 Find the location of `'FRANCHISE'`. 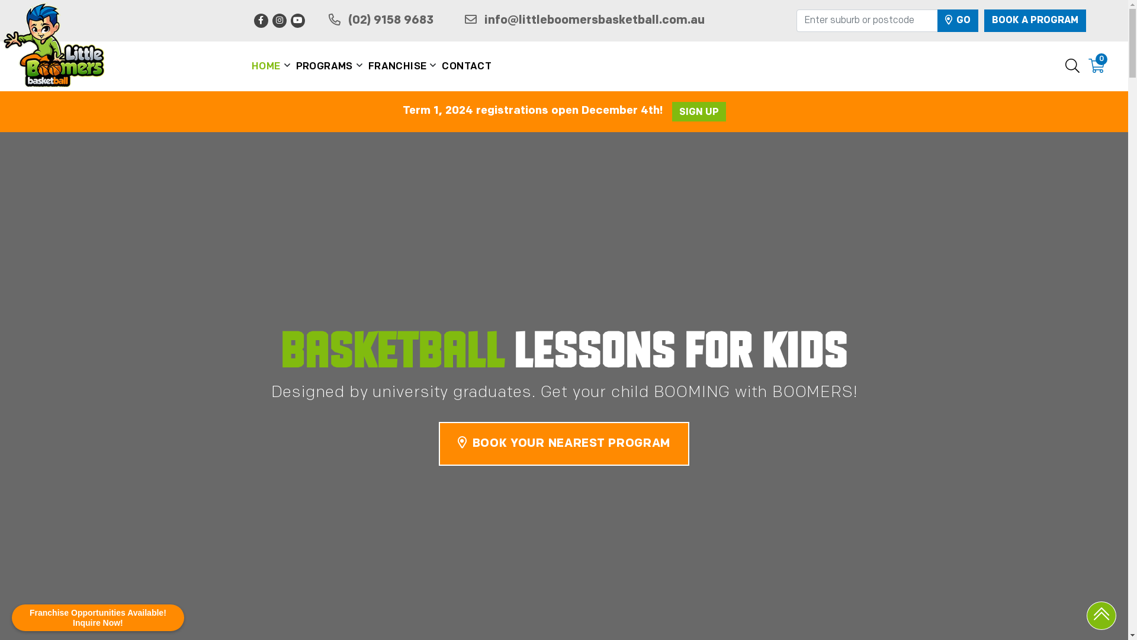

'FRANCHISE' is located at coordinates (397, 66).